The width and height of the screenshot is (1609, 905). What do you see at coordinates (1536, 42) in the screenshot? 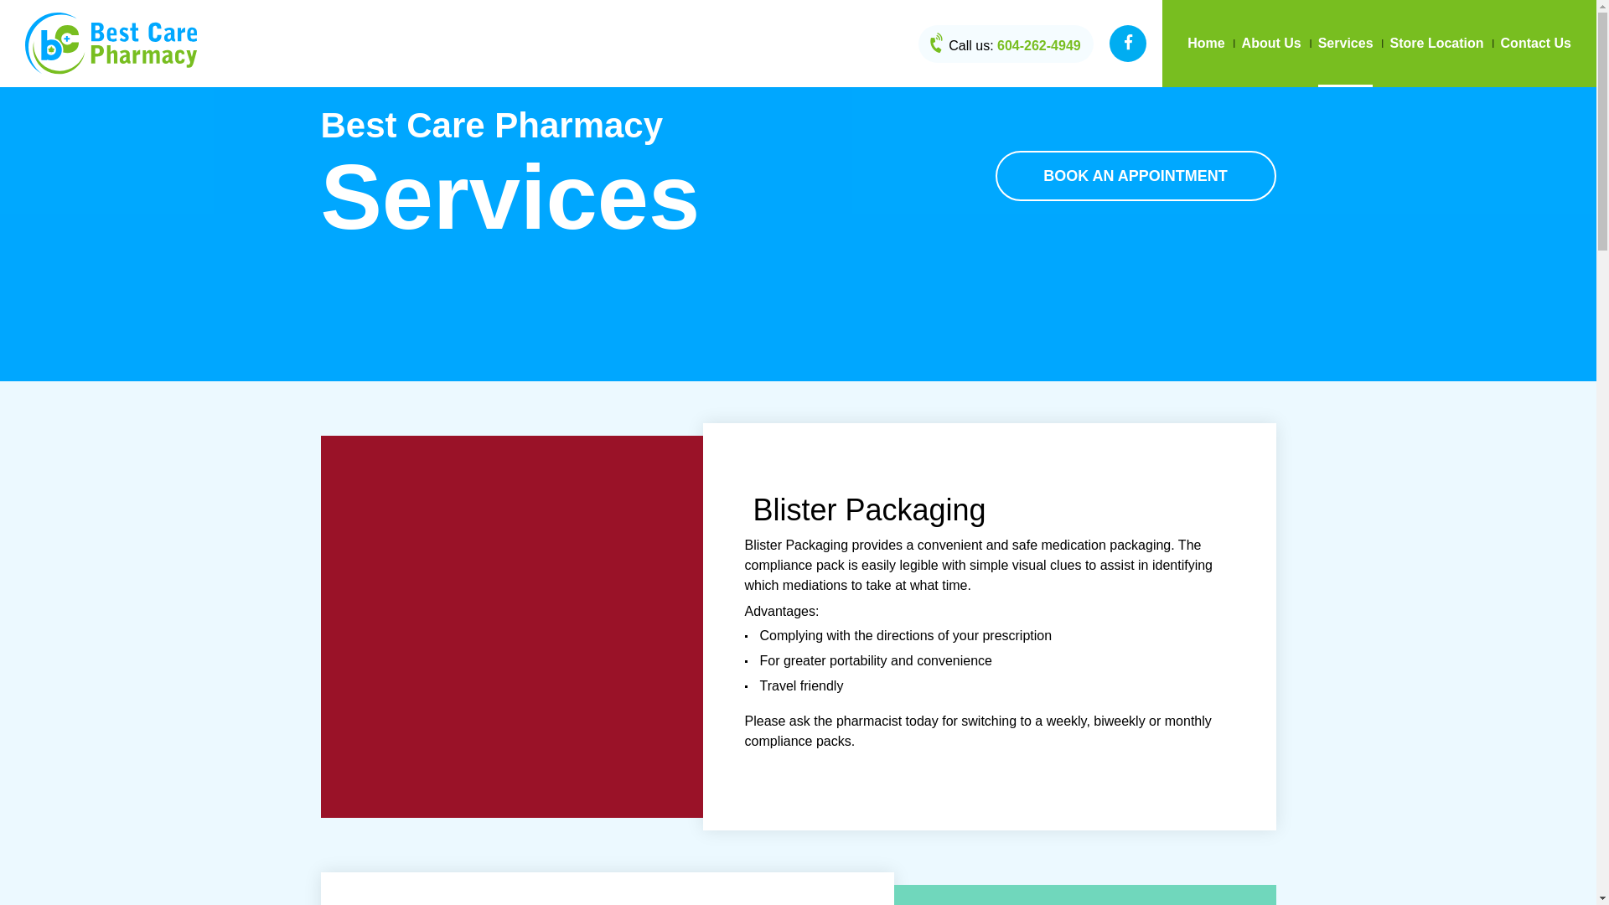
I see `'Contact Us'` at bounding box center [1536, 42].